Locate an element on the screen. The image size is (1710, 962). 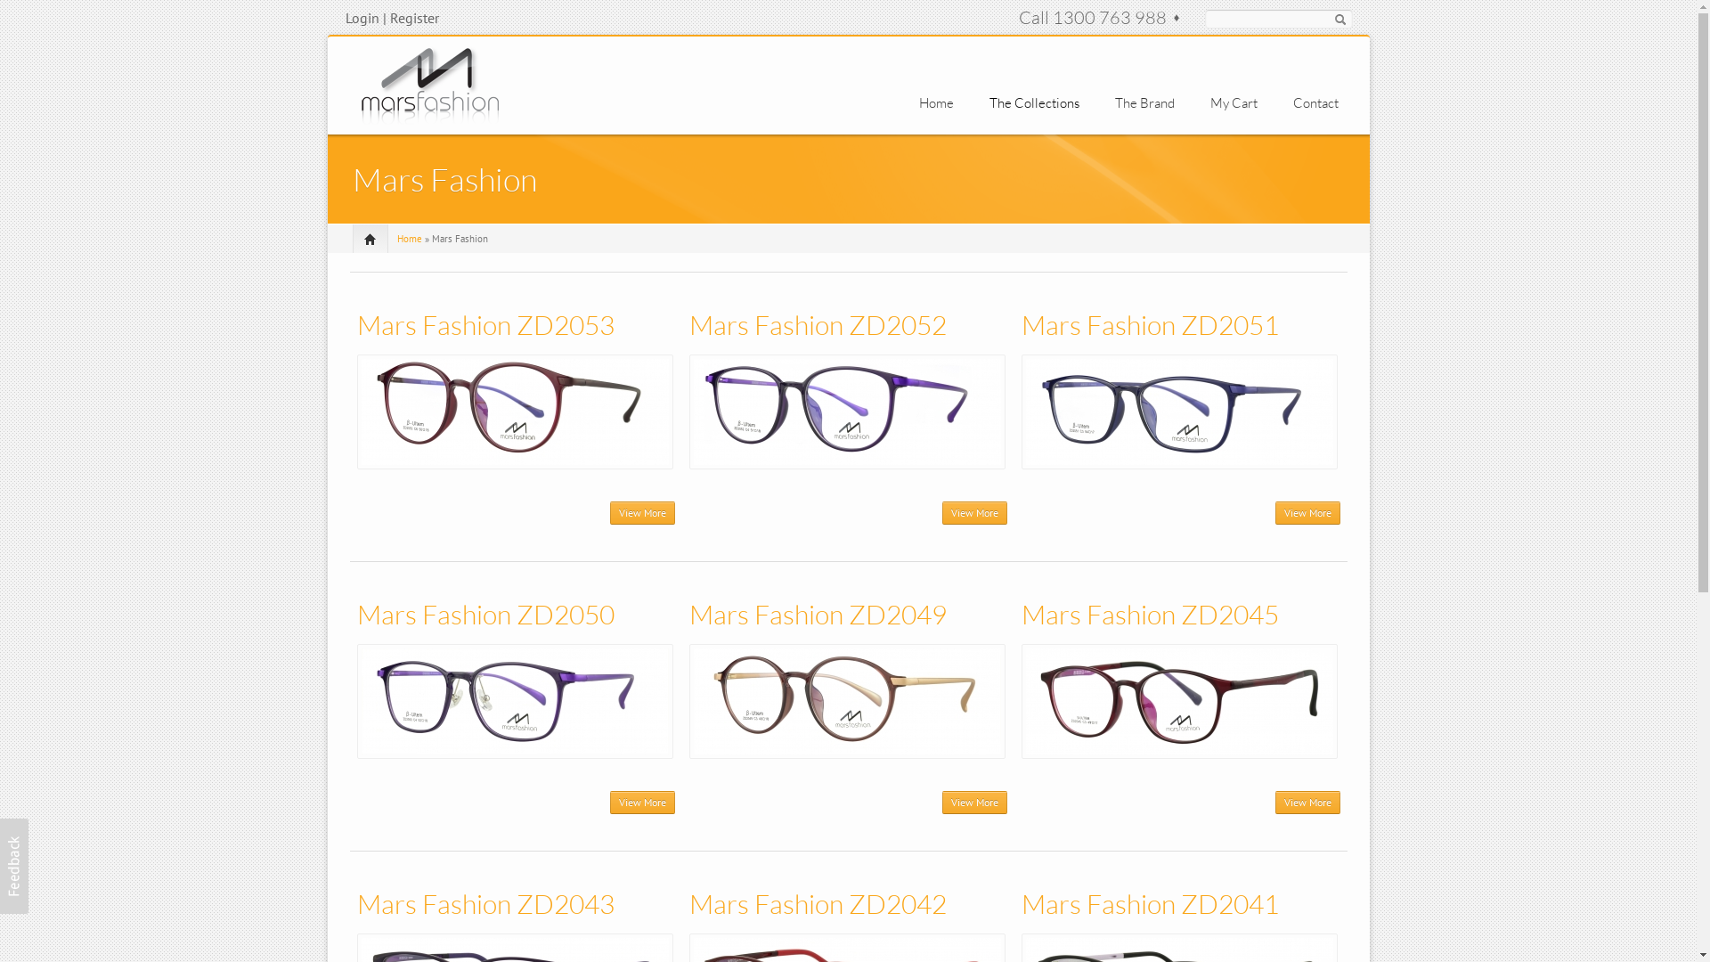
'View More is located at coordinates (641, 803).